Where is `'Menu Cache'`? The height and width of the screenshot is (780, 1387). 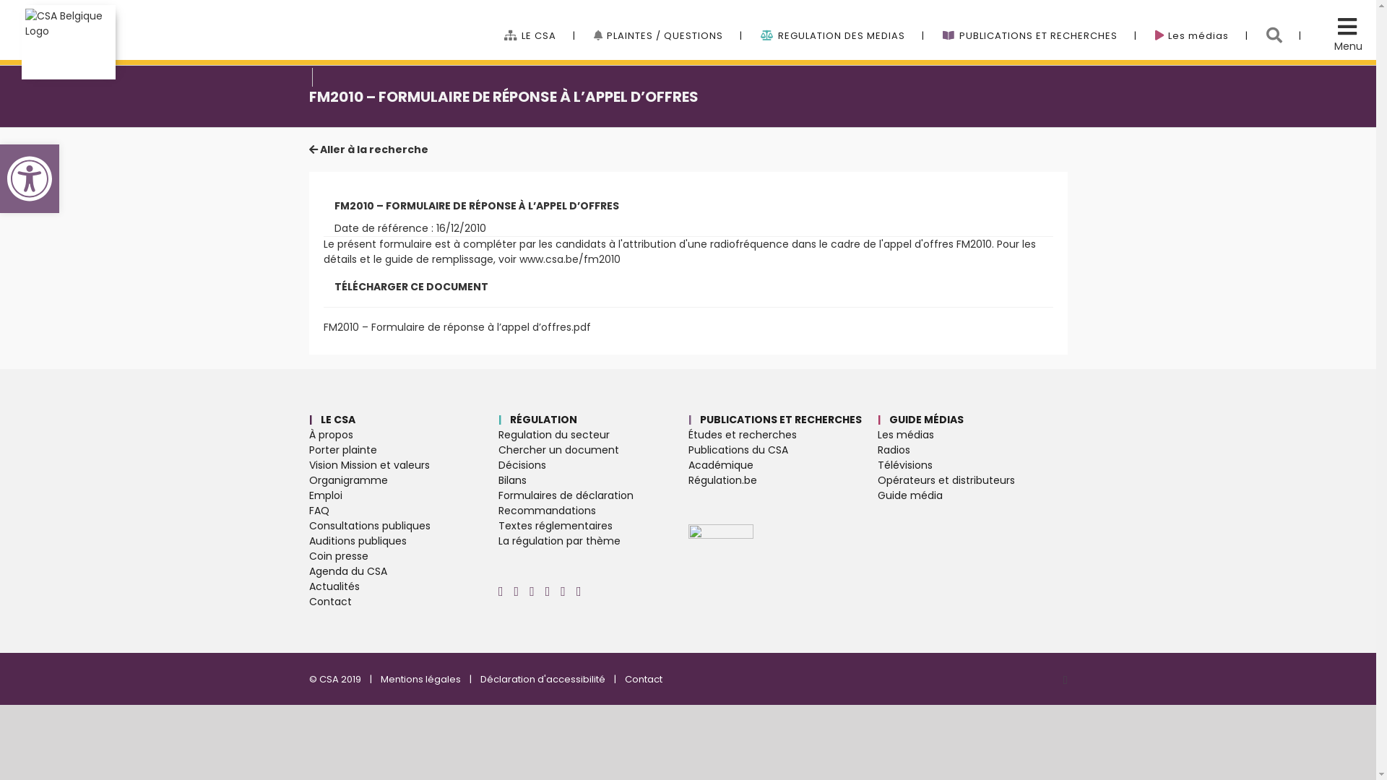 'Menu Cache' is located at coordinates (1334, 30).